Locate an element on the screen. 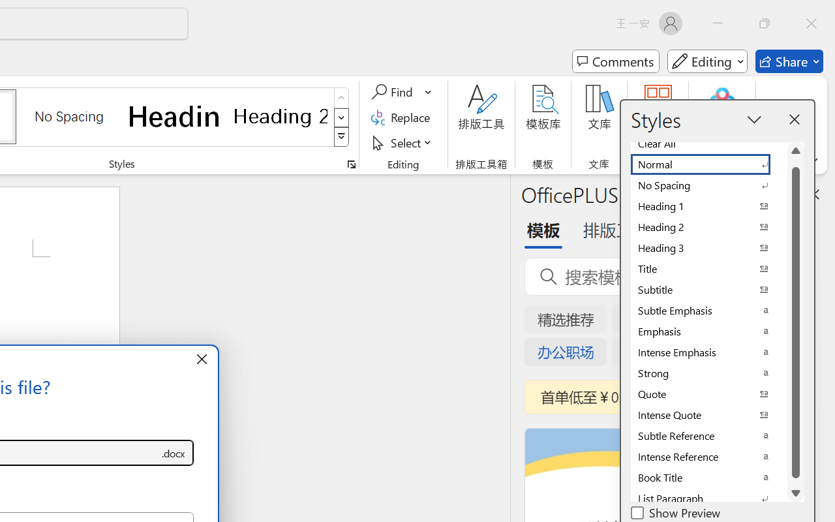 The image size is (835, 522). 'Restore Down' is located at coordinates (765, 23).